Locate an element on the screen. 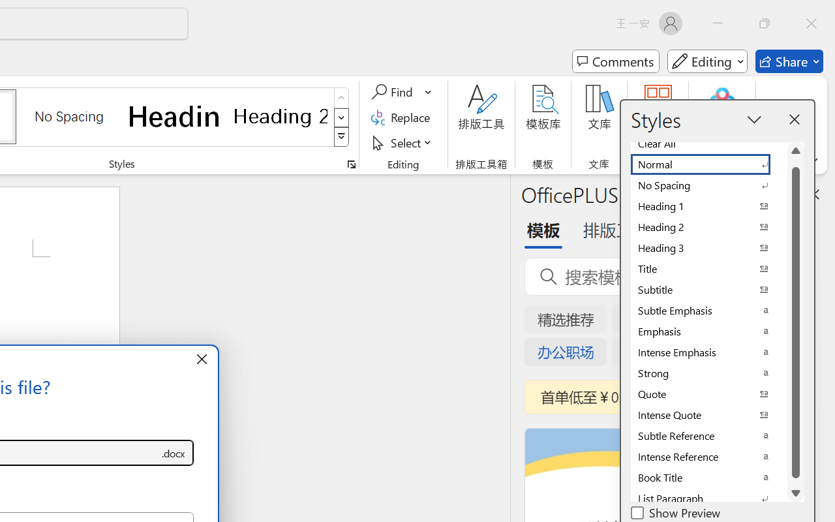 The image size is (835, 522). 'Restore Down' is located at coordinates (765, 23).